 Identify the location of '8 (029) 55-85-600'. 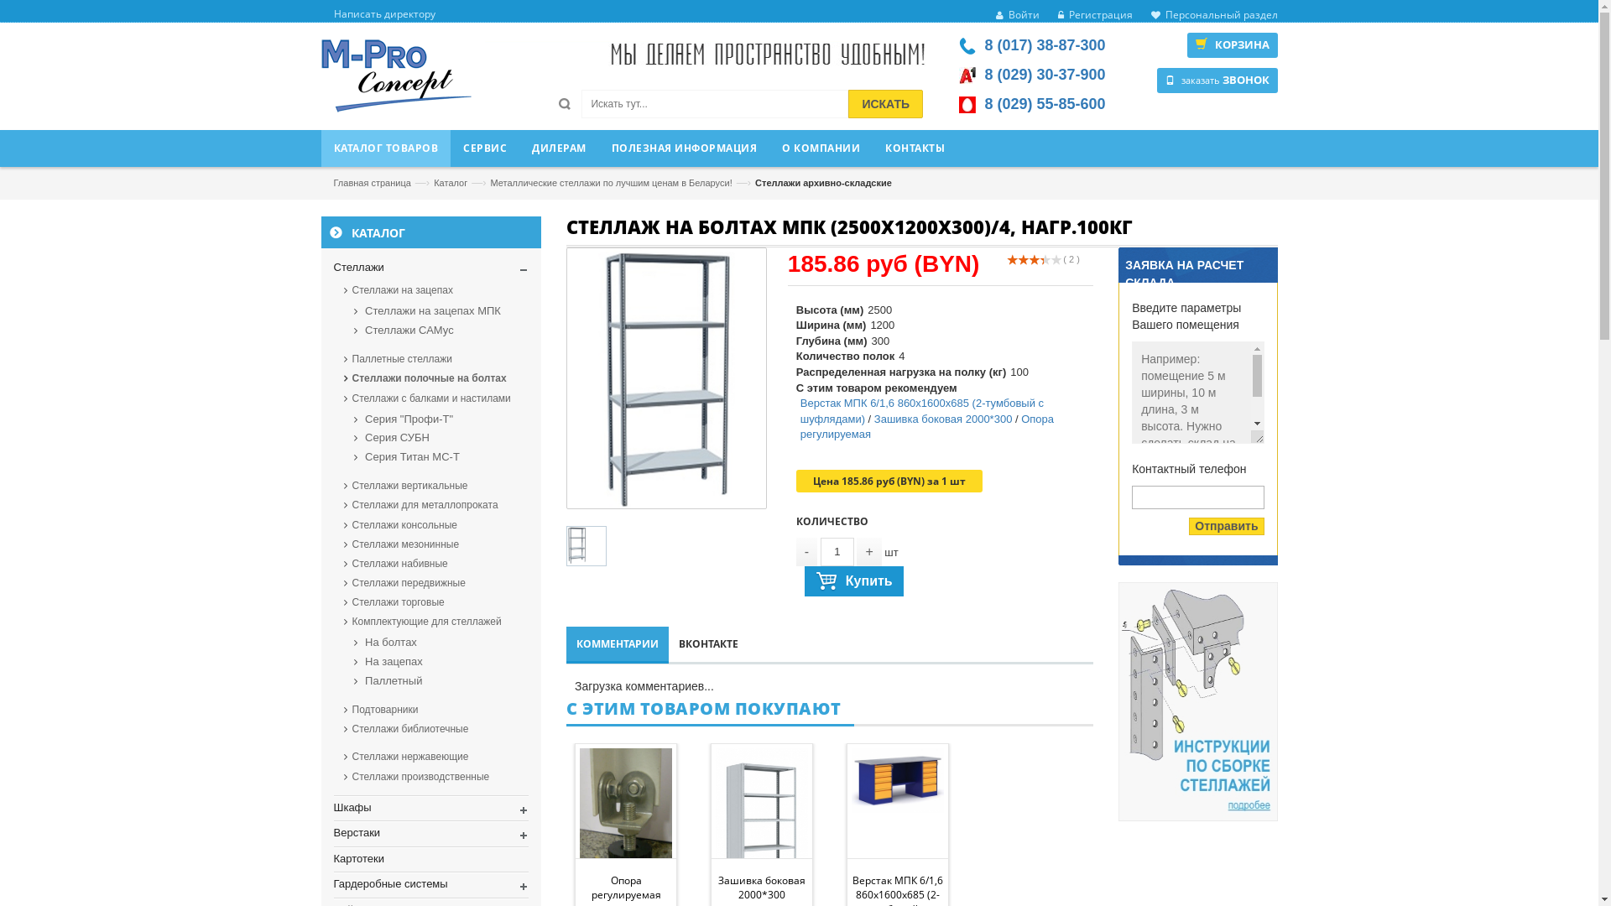
(1043, 103).